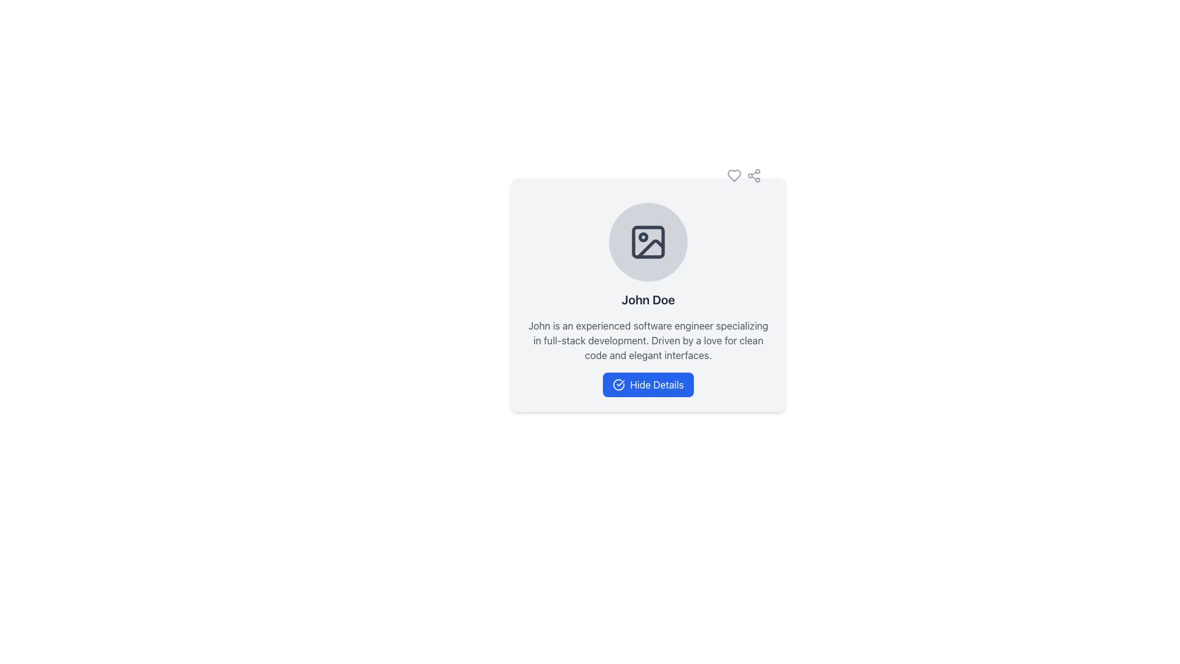 The width and height of the screenshot is (1180, 664). I want to click on the Decorative Icon, a circular icon with a checkmark inside, located to the left of the 'Hide Details' button, so click(619, 384).